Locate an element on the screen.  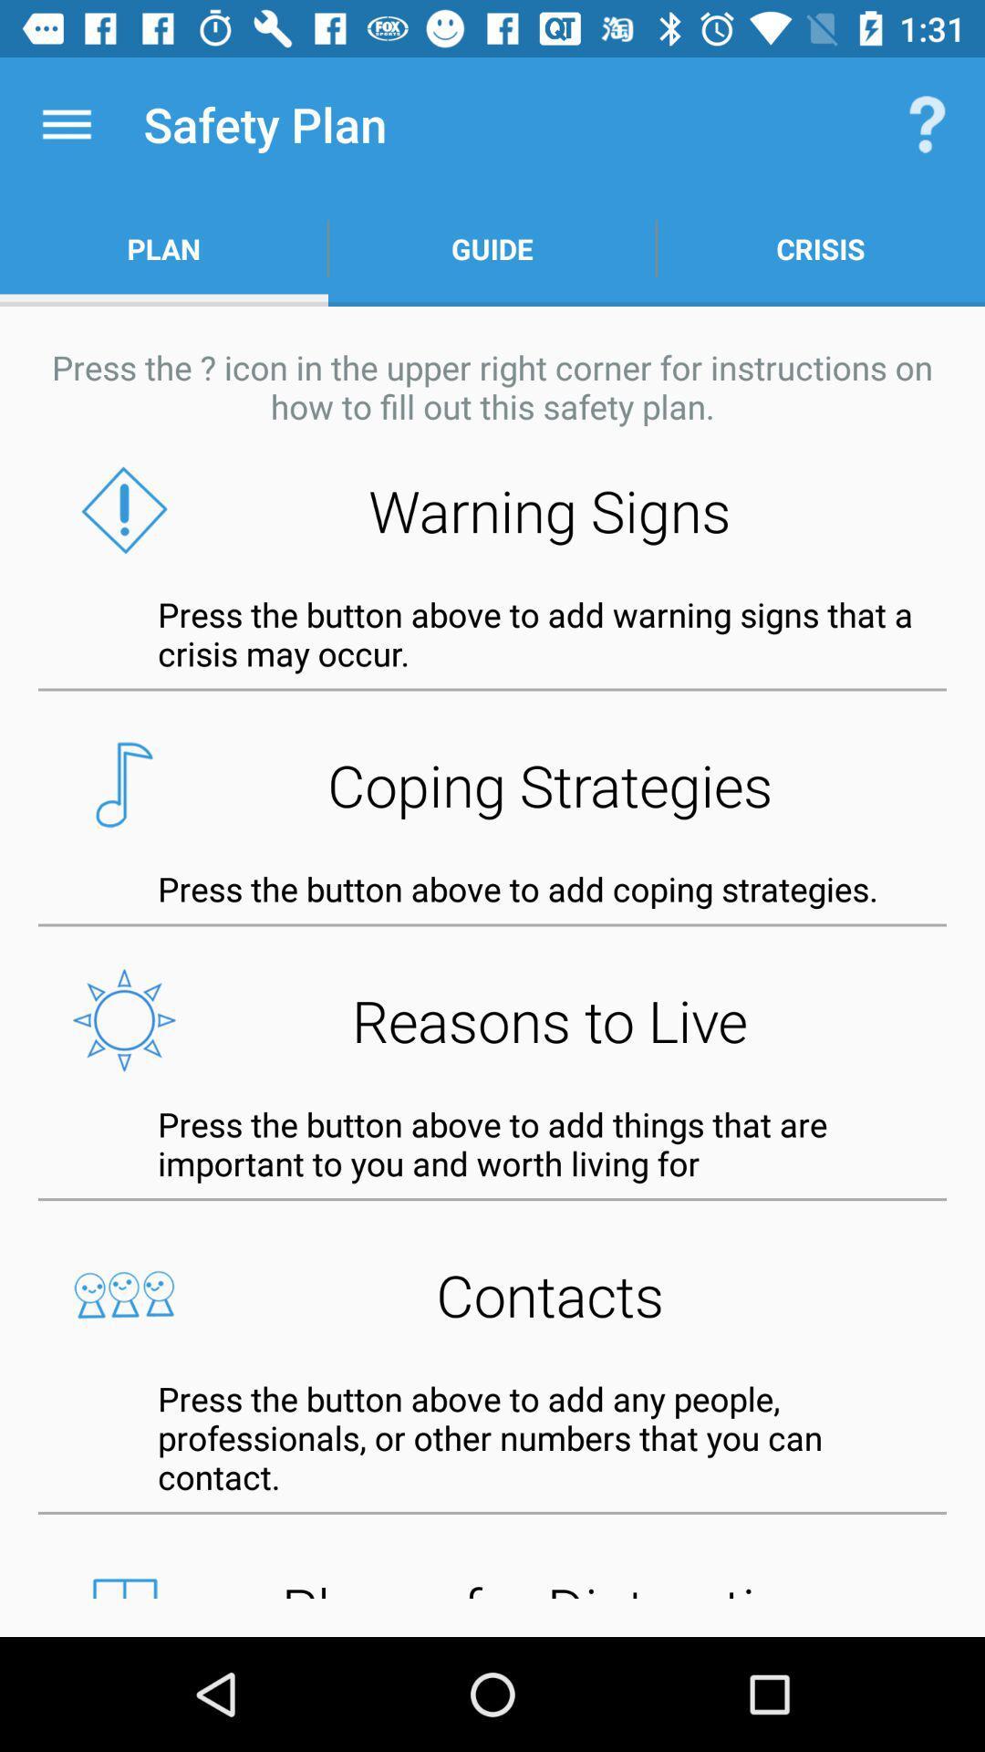
guide is located at coordinates (493, 248).